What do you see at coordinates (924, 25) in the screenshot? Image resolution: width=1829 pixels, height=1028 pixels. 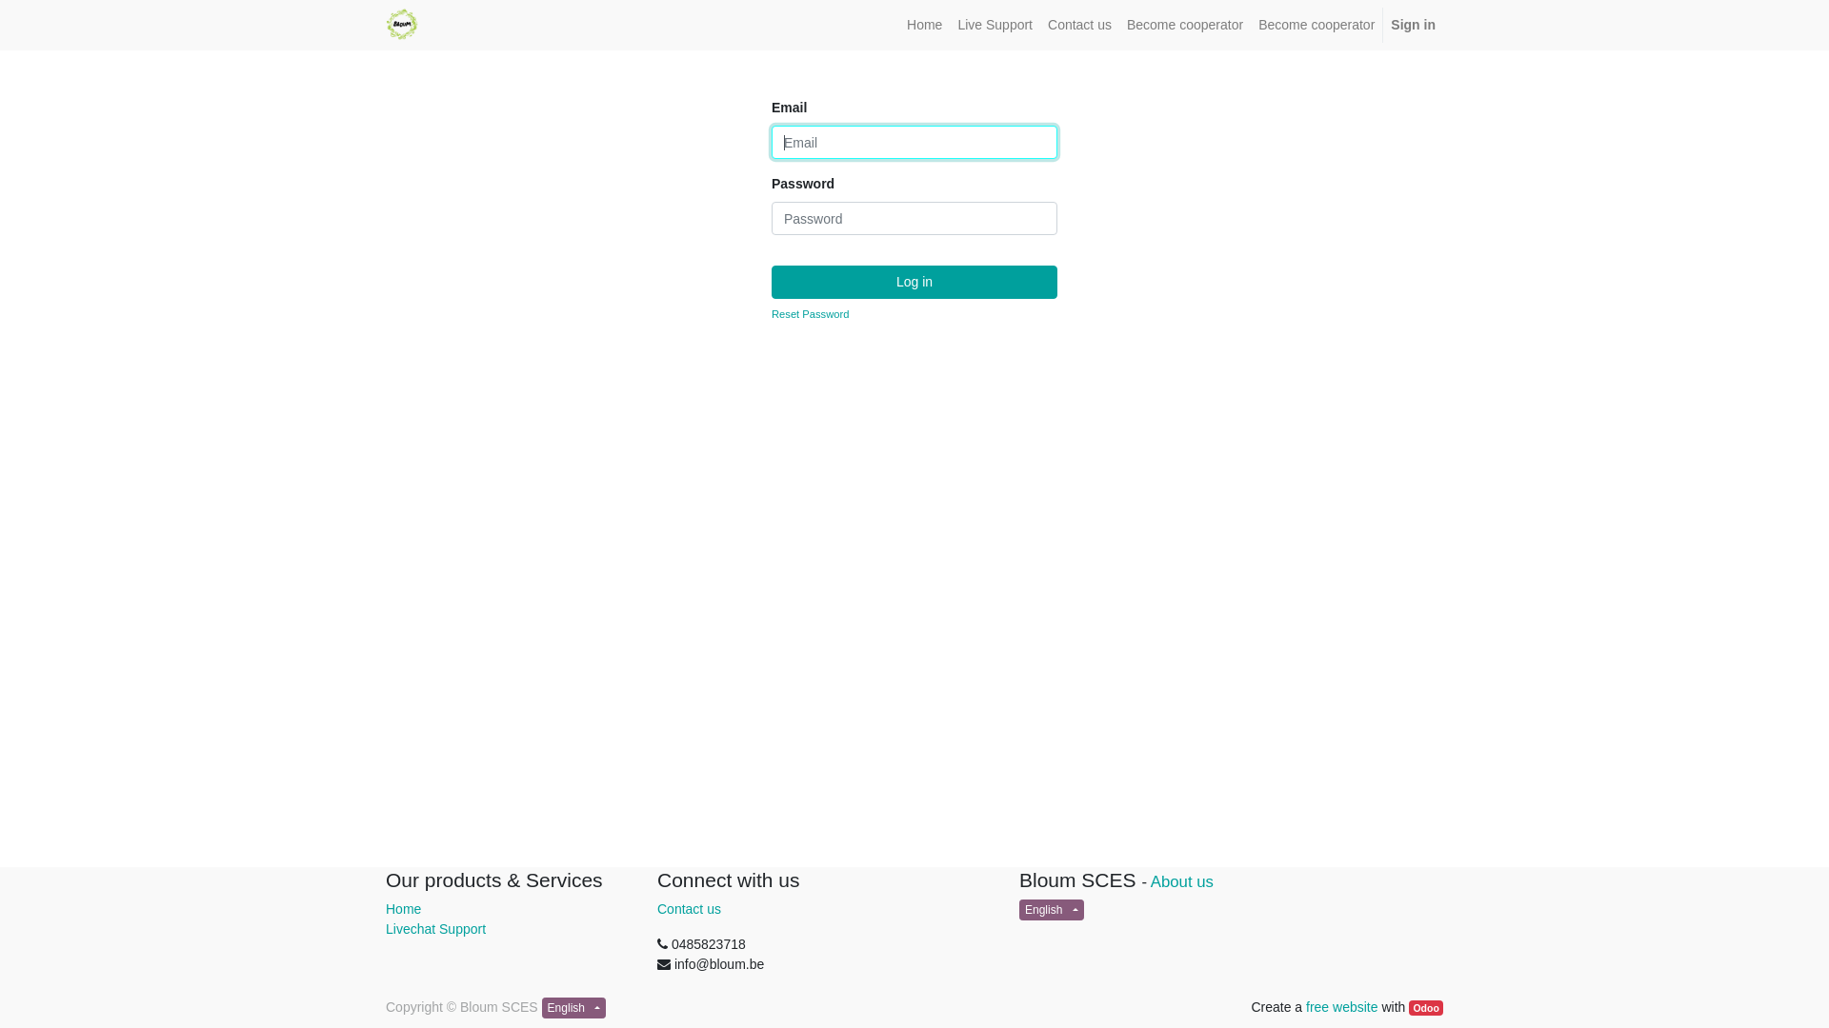 I see `'Home'` at bounding box center [924, 25].